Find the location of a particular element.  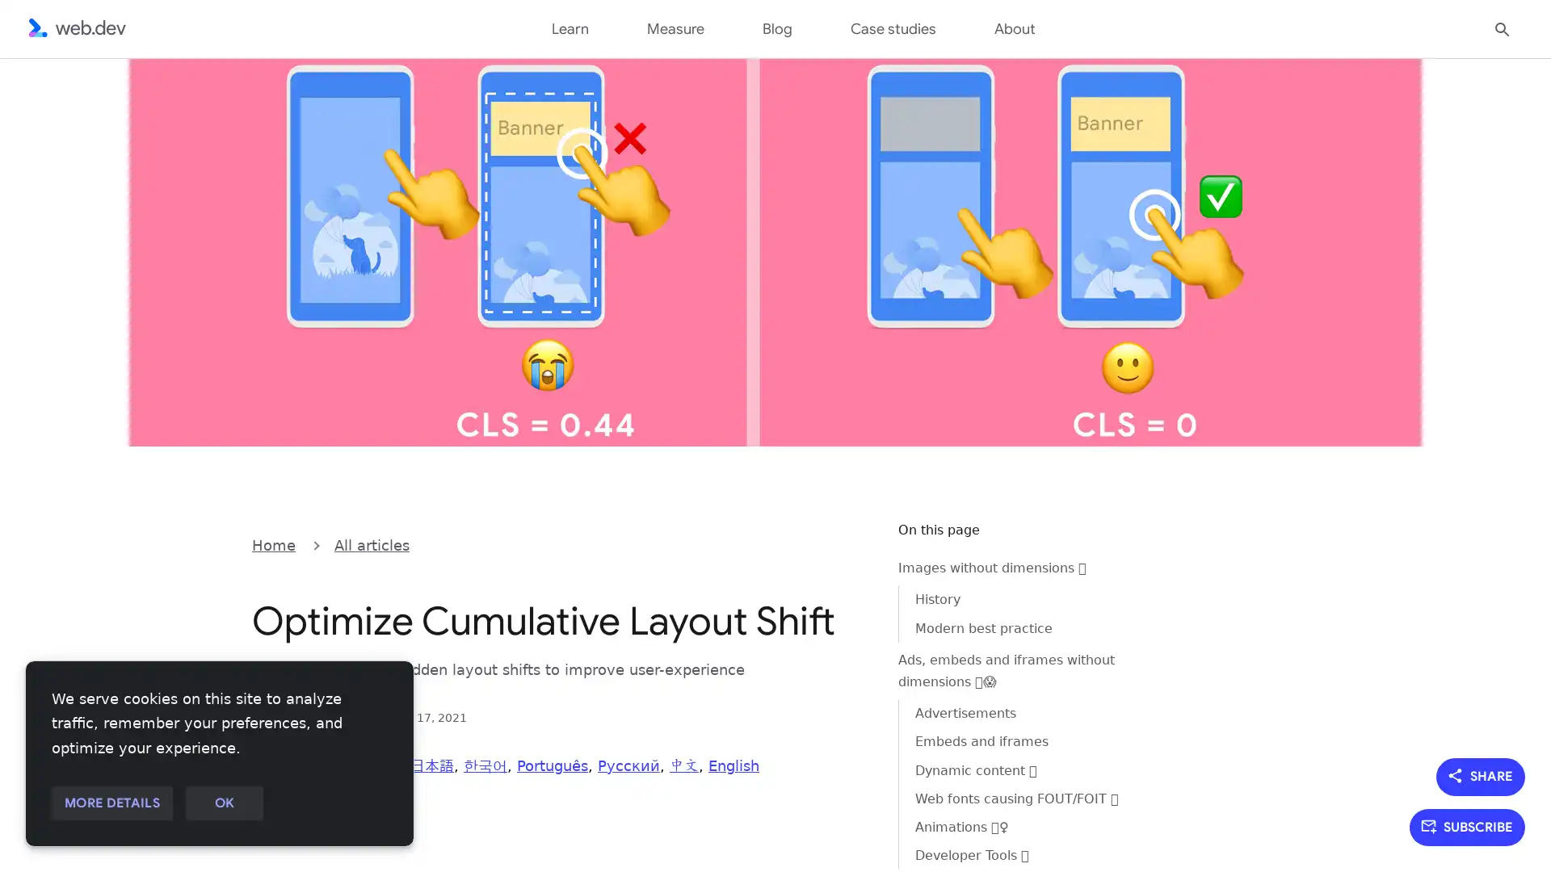

Copy code is located at coordinates (845, 543).